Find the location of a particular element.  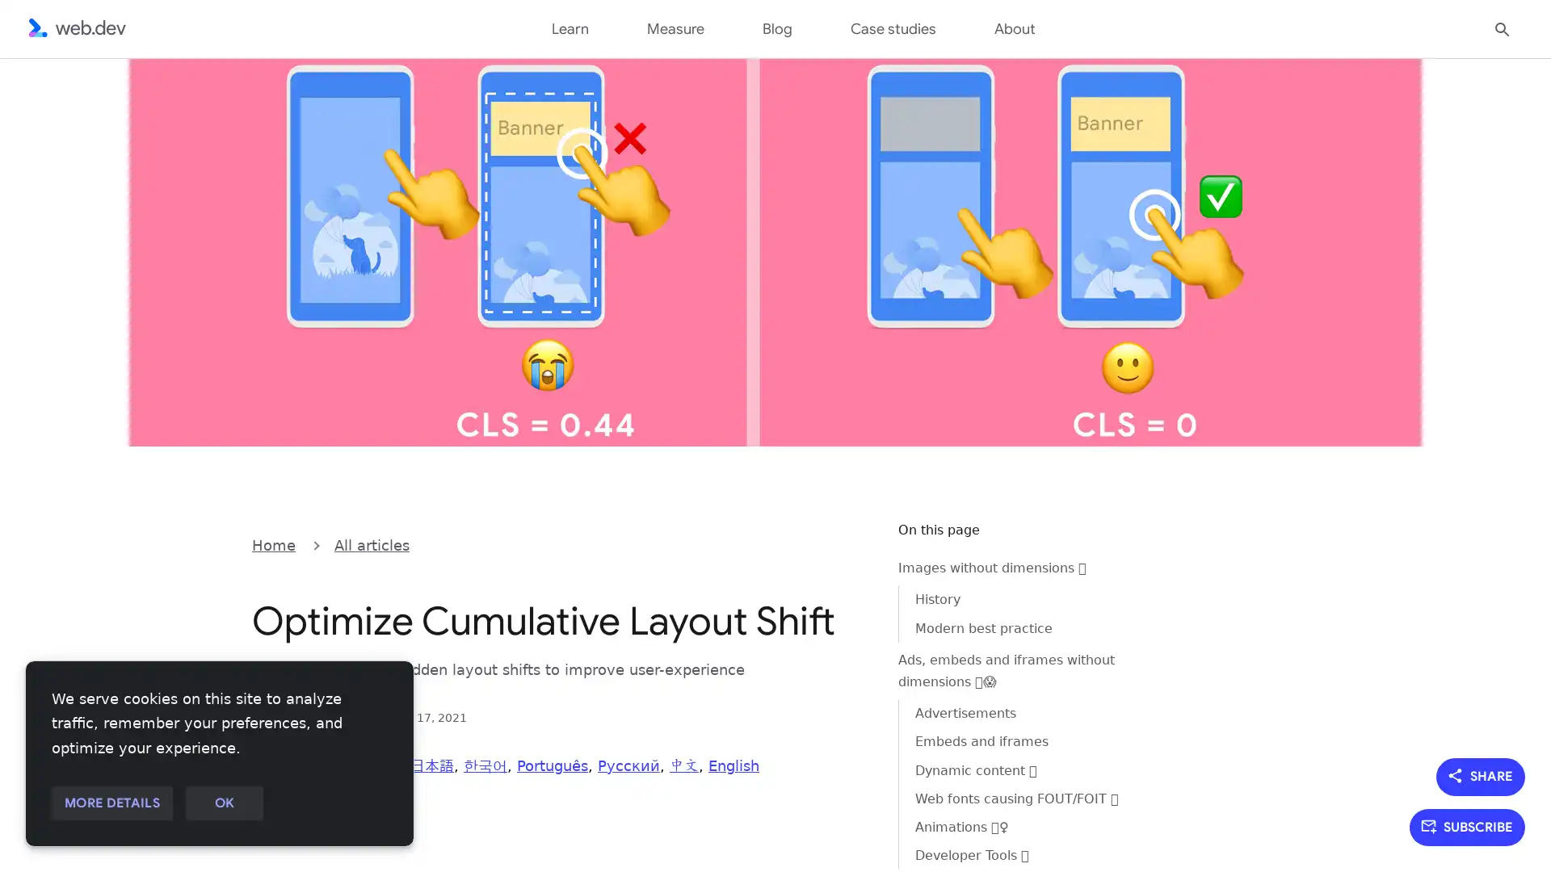

Copy code is located at coordinates (845, 543).